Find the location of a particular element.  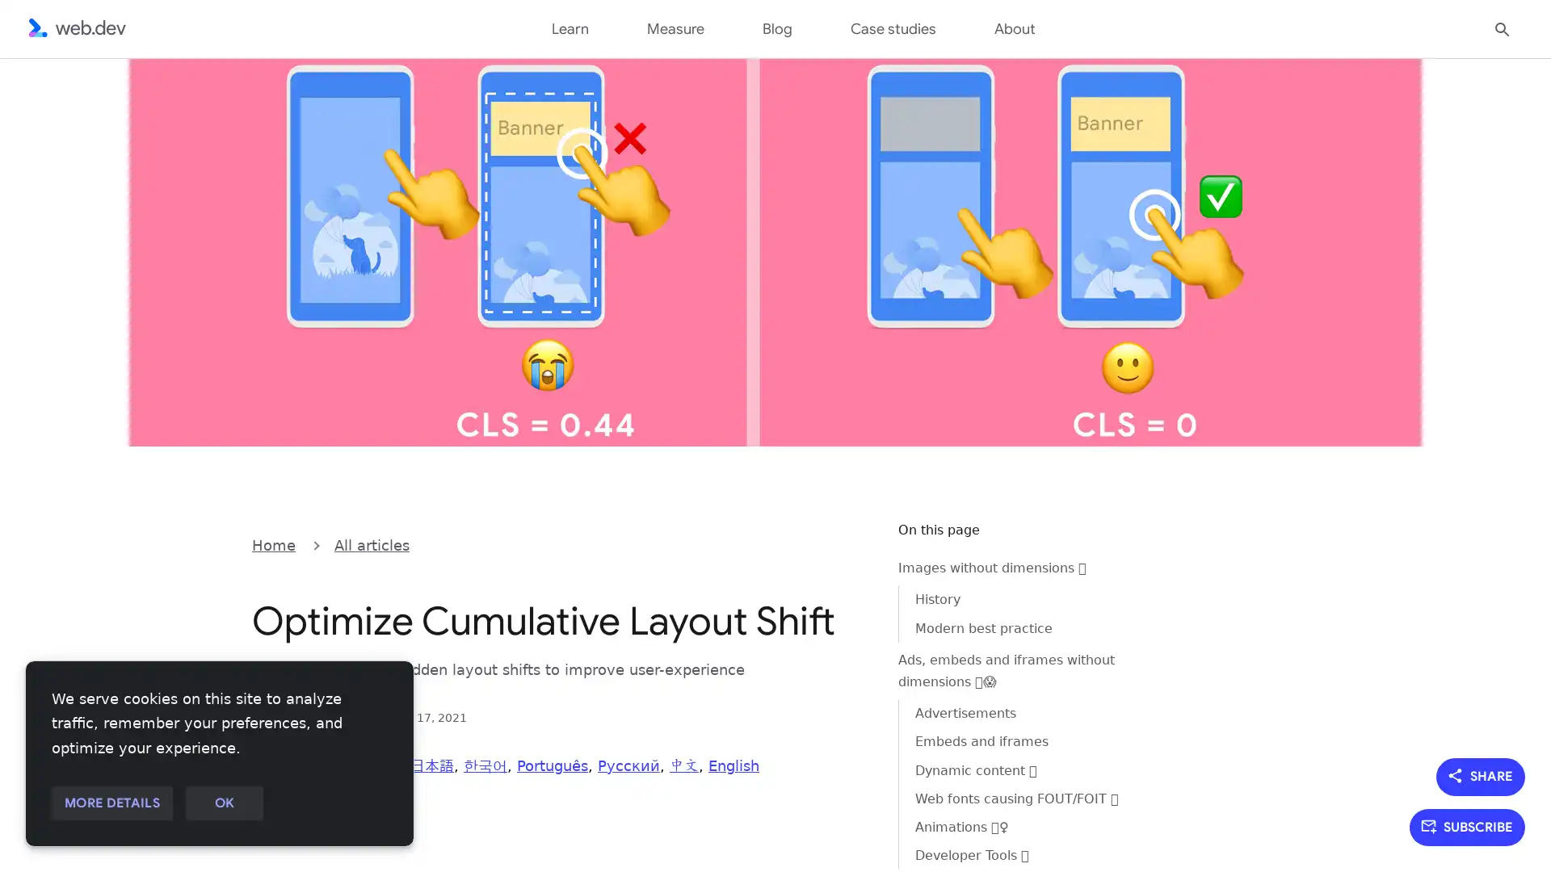

Copy code is located at coordinates (845, 543).